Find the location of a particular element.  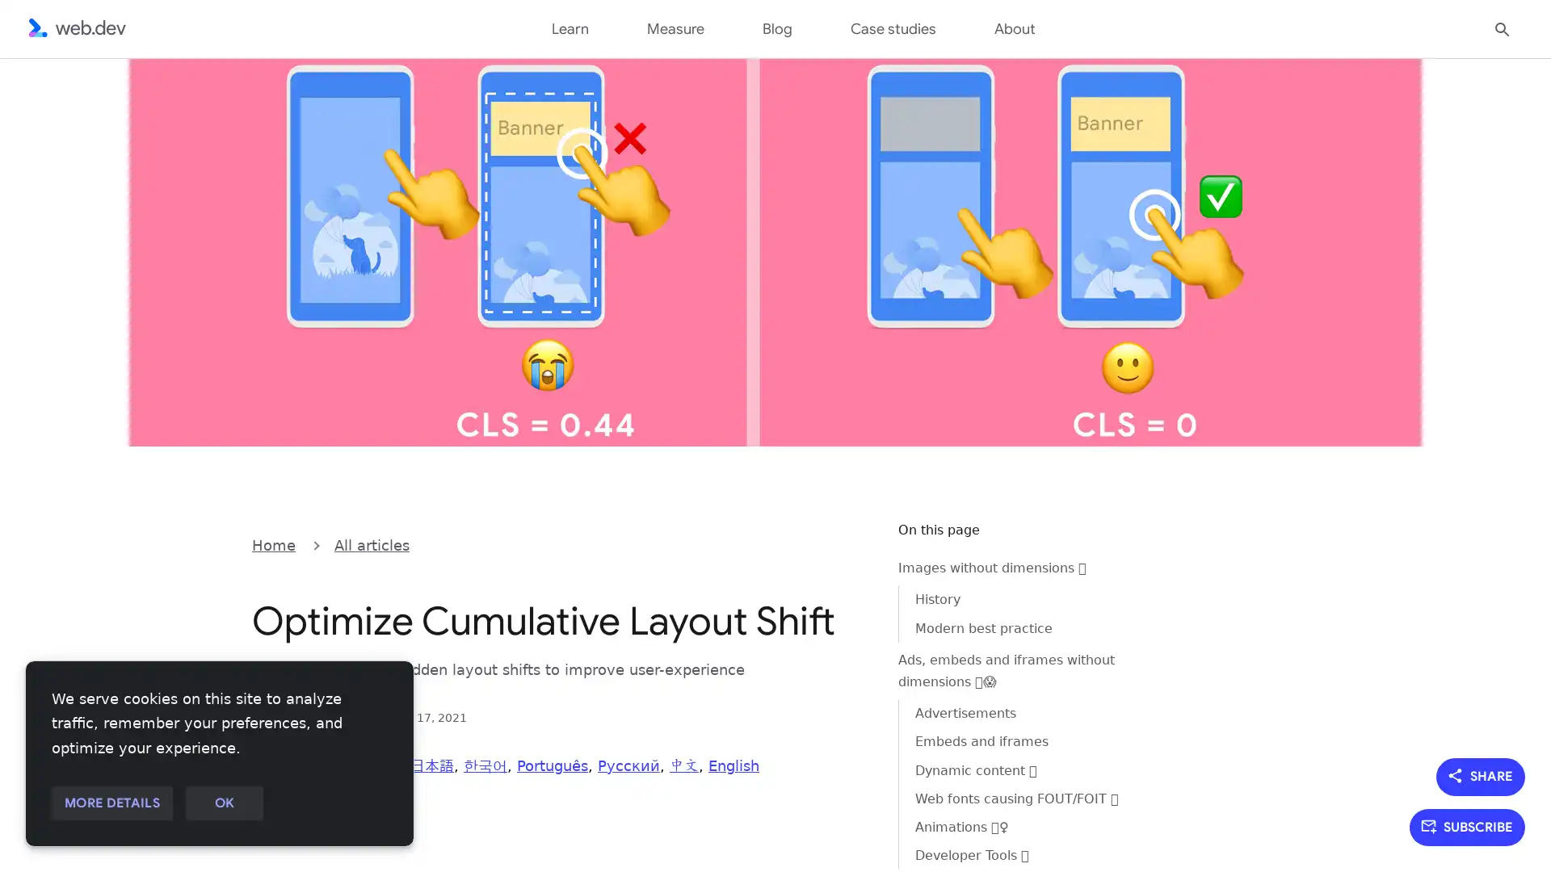

Copy code is located at coordinates (845, 543).